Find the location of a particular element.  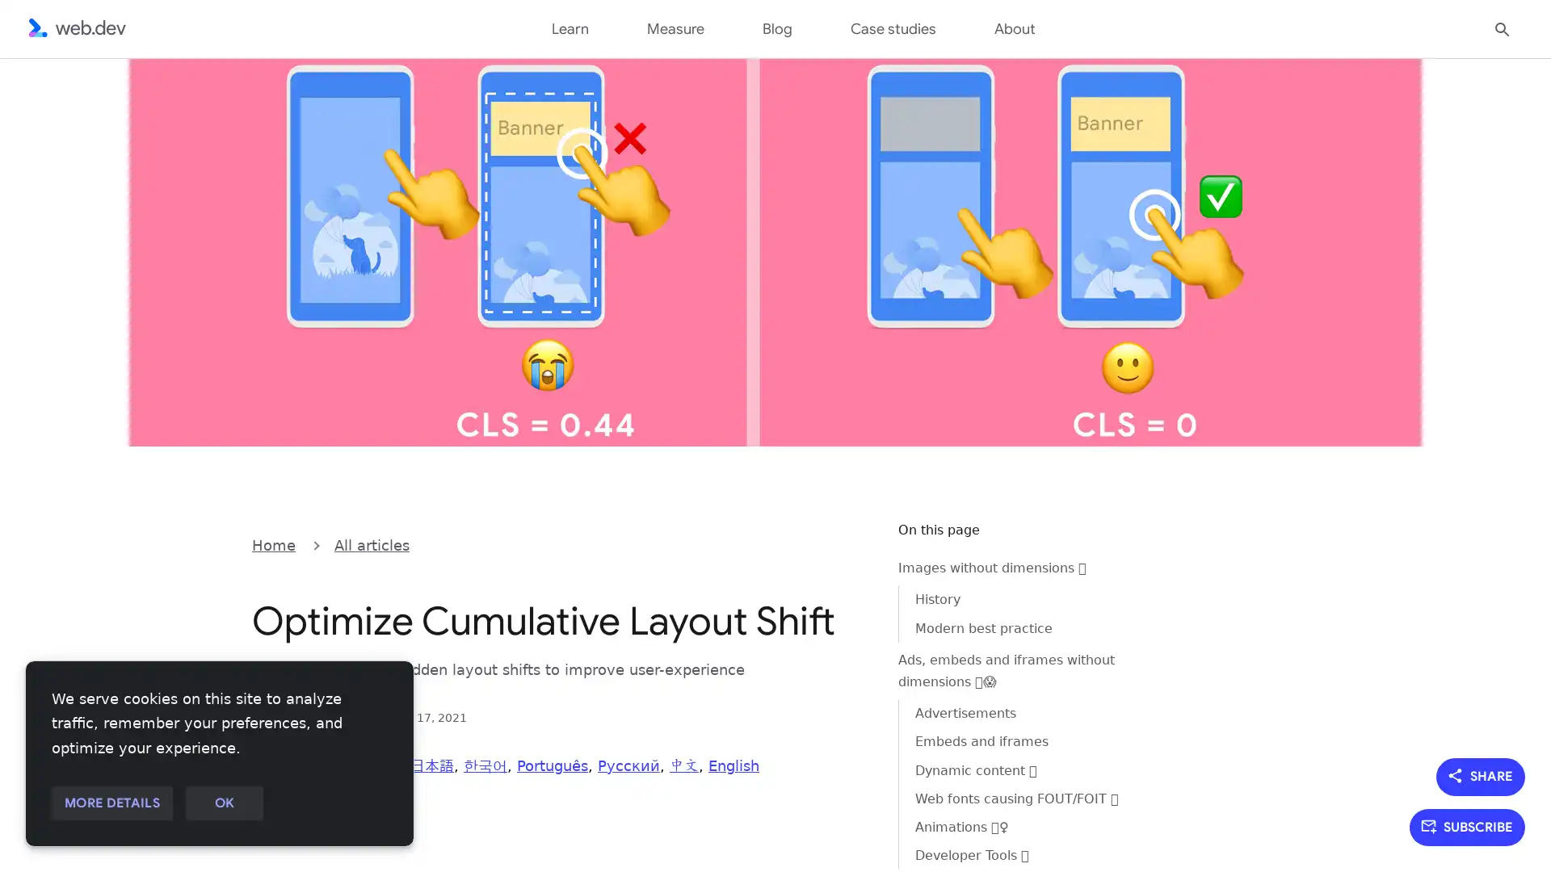

Copy code is located at coordinates (845, 543).